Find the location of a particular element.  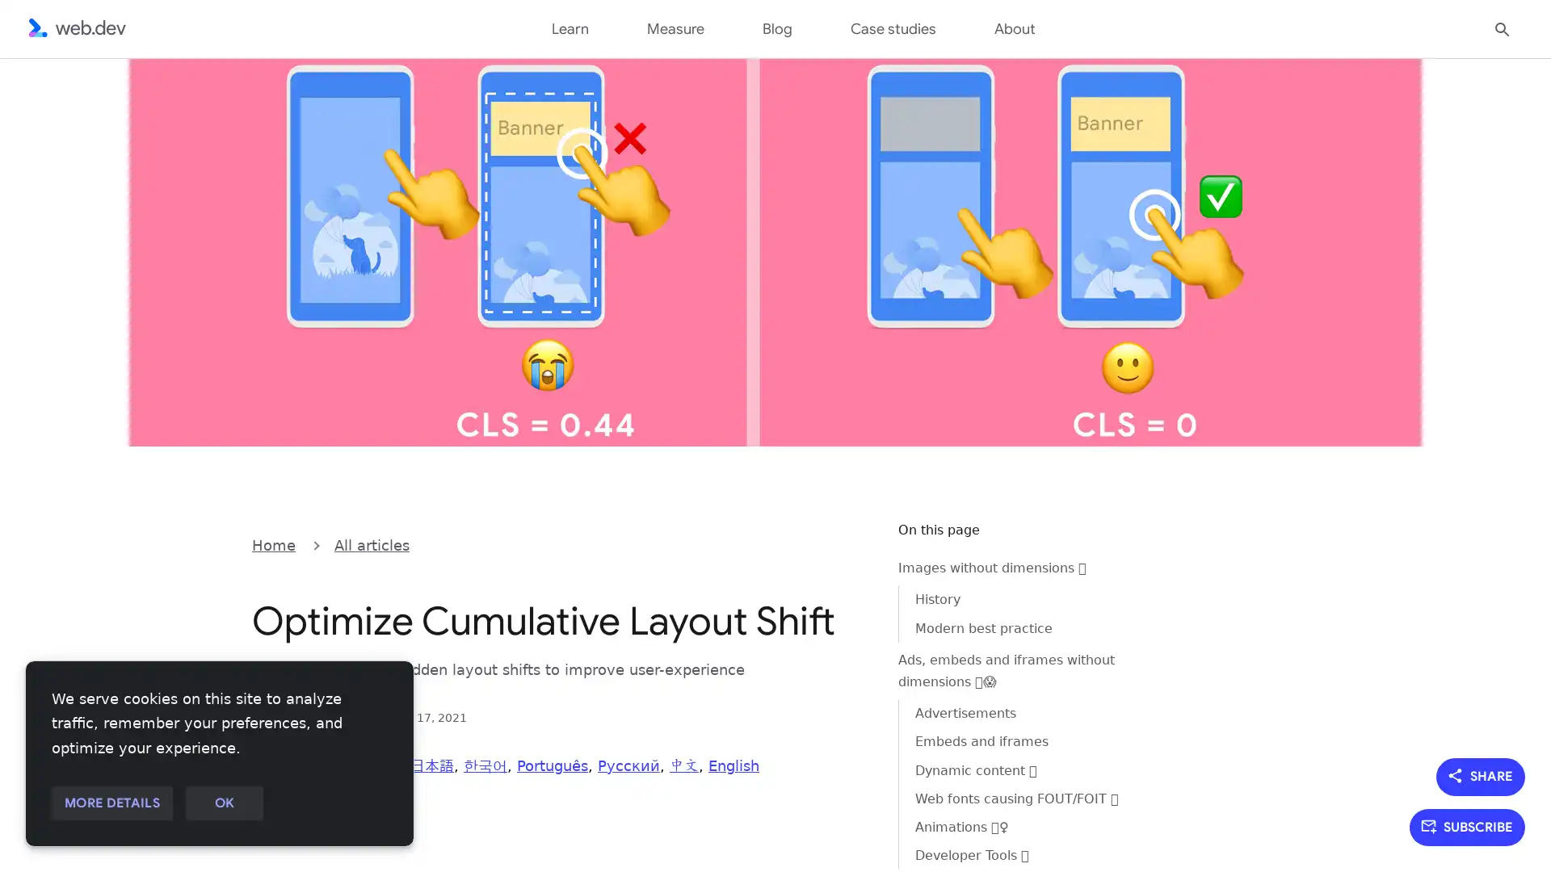

Copy code is located at coordinates (845, 543).